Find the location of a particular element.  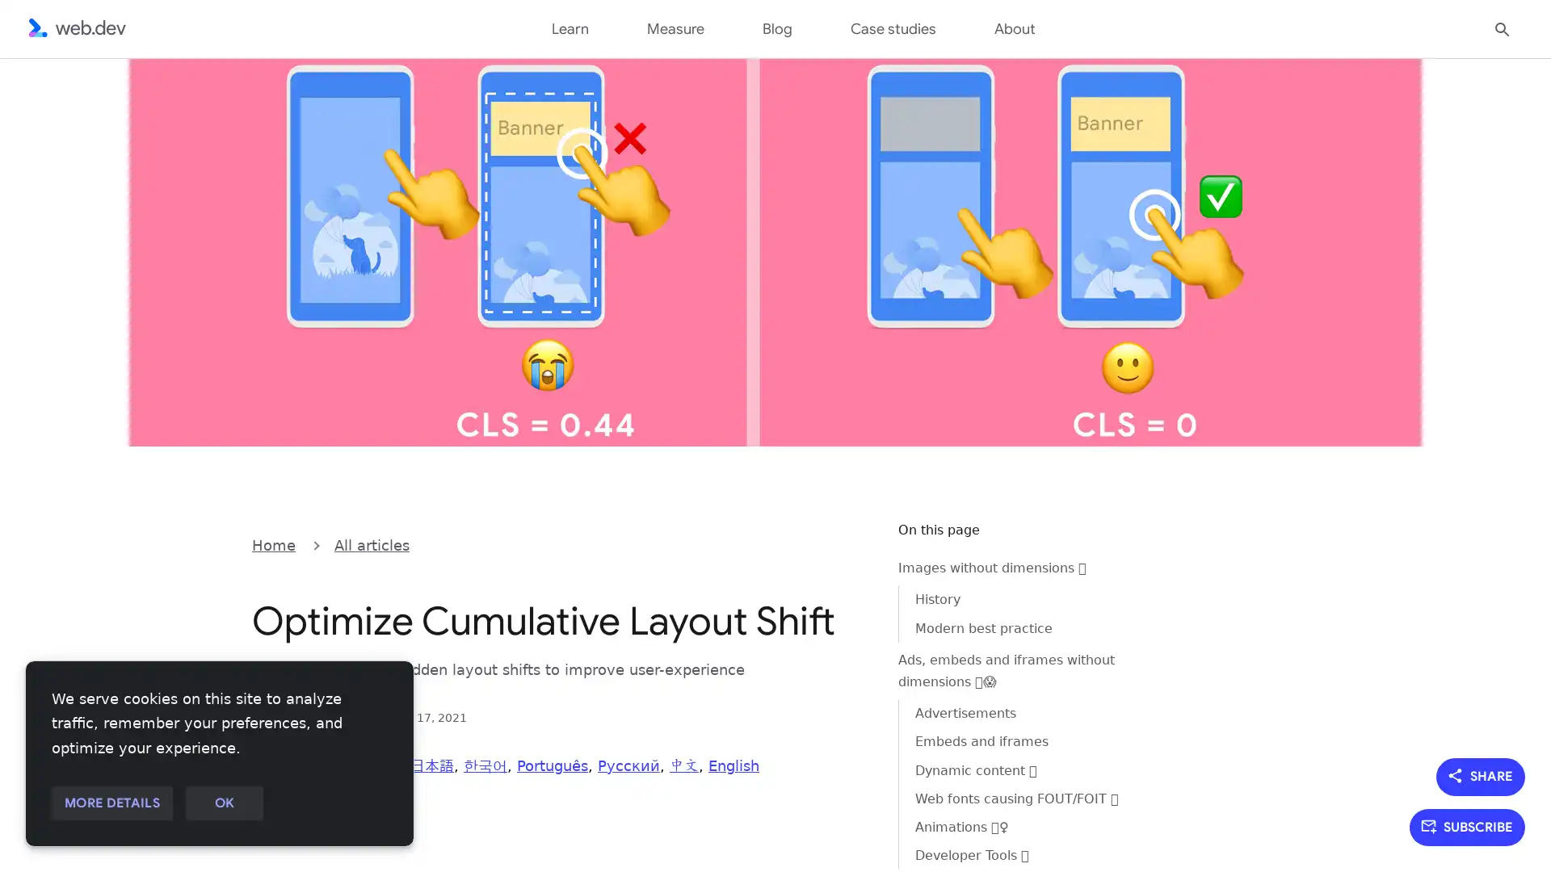

Copy code is located at coordinates (845, 543).